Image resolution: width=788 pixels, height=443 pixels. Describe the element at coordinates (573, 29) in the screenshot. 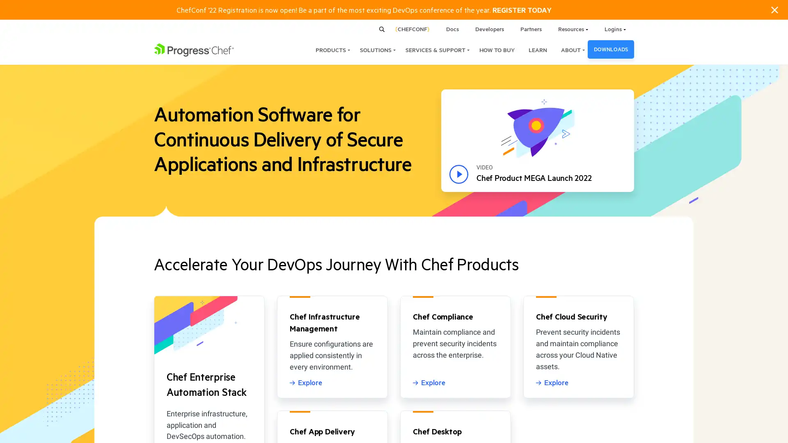

I see `Resources` at that location.